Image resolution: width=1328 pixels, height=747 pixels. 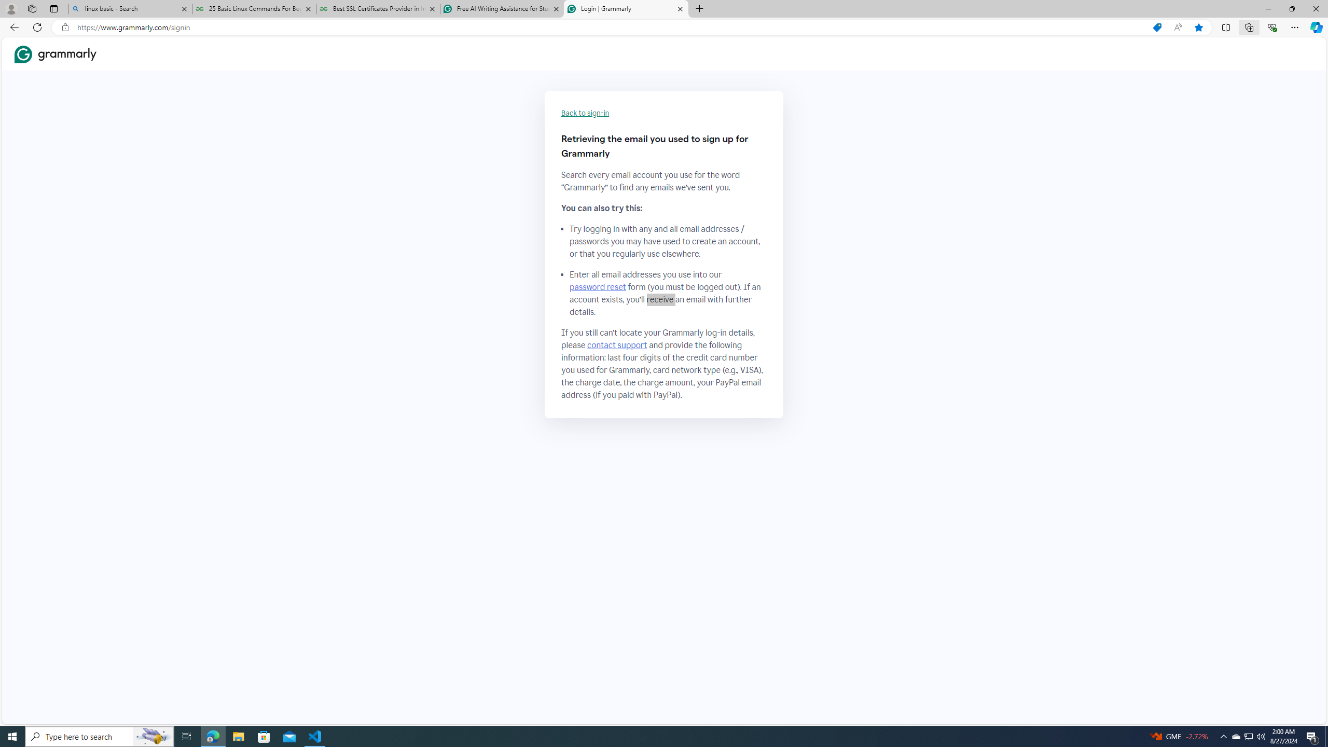 What do you see at coordinates (585, 113) in the screenshot?
I see `'Back to sign-in'` at bounding box center [585, 113].